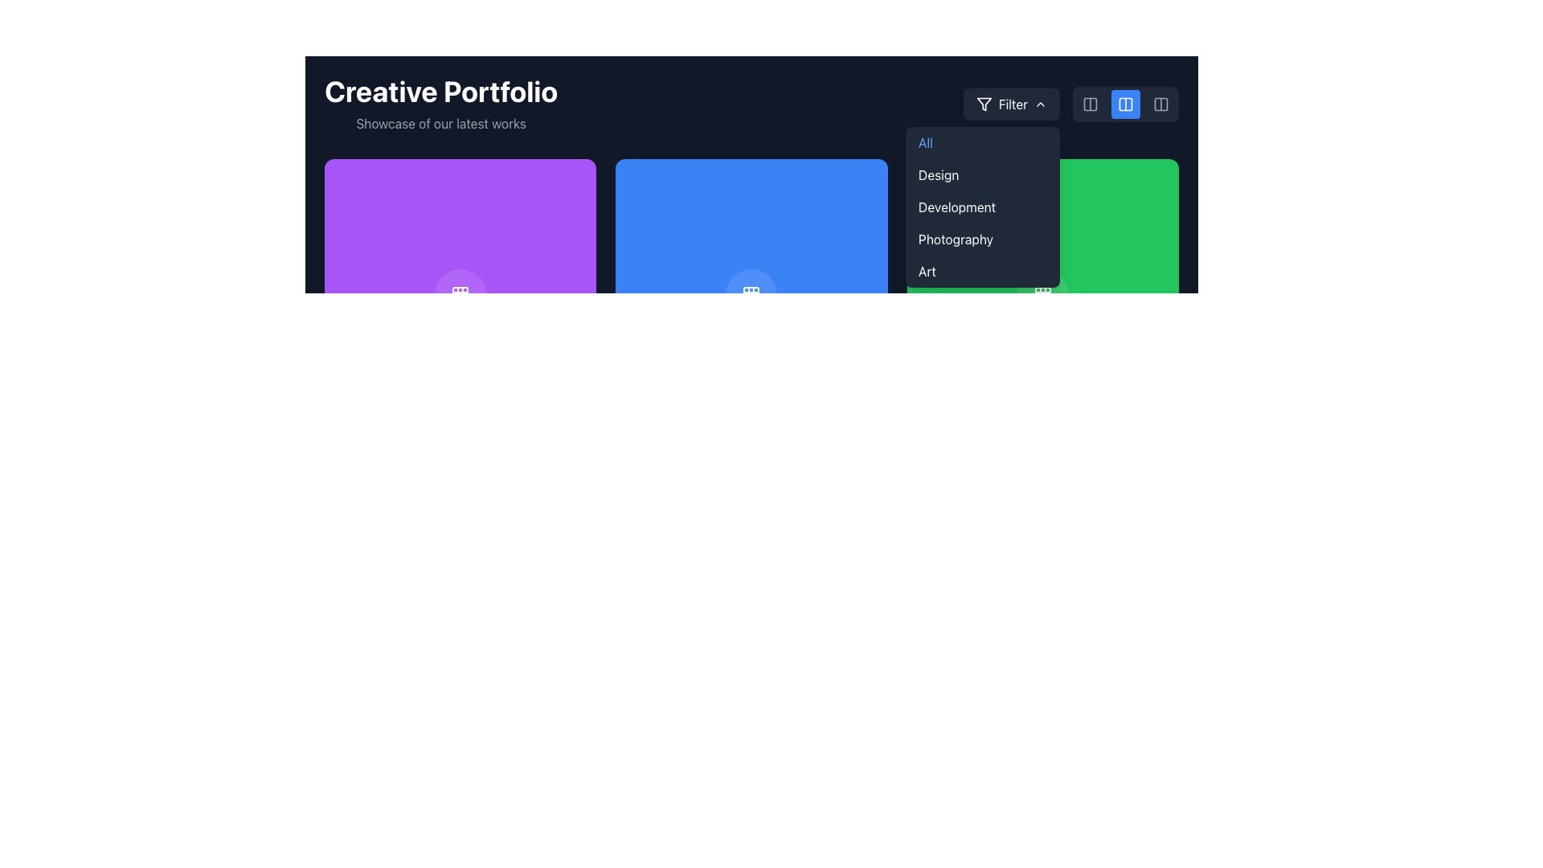 Image resolution: width=1543 pixels, height=868 pixels. I want to click on the button located in the bottom-right corner of the menu area, so click(1042, 295).